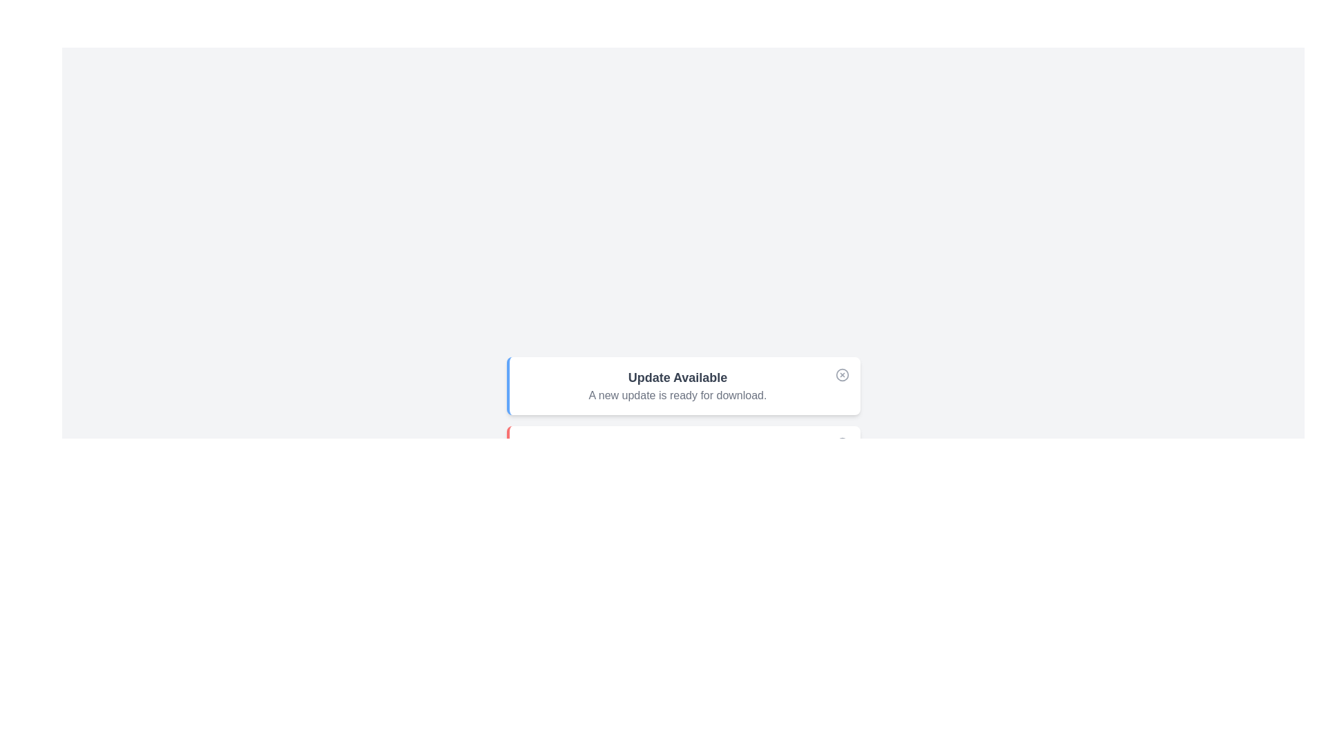  What do you see at coordinates (841, 375) in the screenshot?
I see `the close button of the alert to dismiss it` at bounding box center [841, 375].